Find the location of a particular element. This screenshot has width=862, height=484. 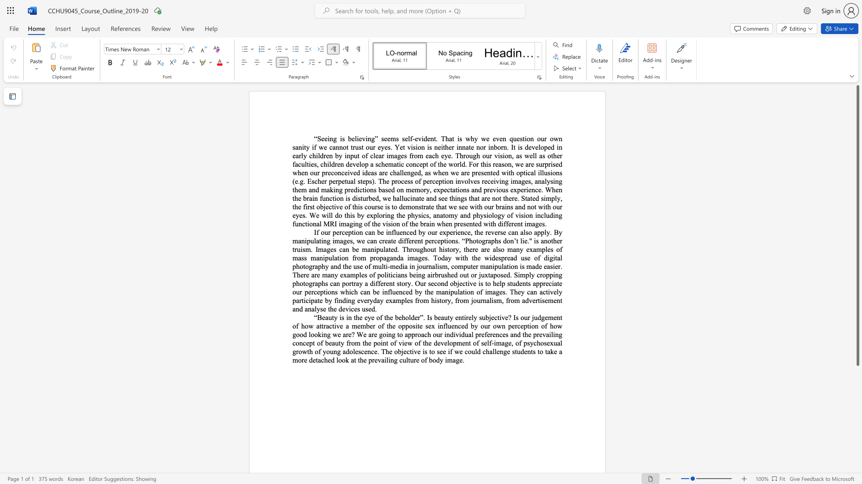

the right-hand scrollbar to descend the page is located at coordinates (857, 457).